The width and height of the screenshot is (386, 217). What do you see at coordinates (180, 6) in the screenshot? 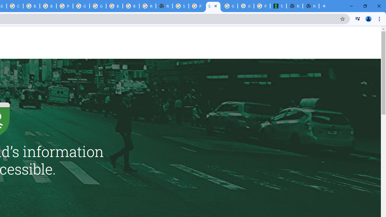
I see `'Sign in - Google Accounts'` at bounding box center [180, 6].